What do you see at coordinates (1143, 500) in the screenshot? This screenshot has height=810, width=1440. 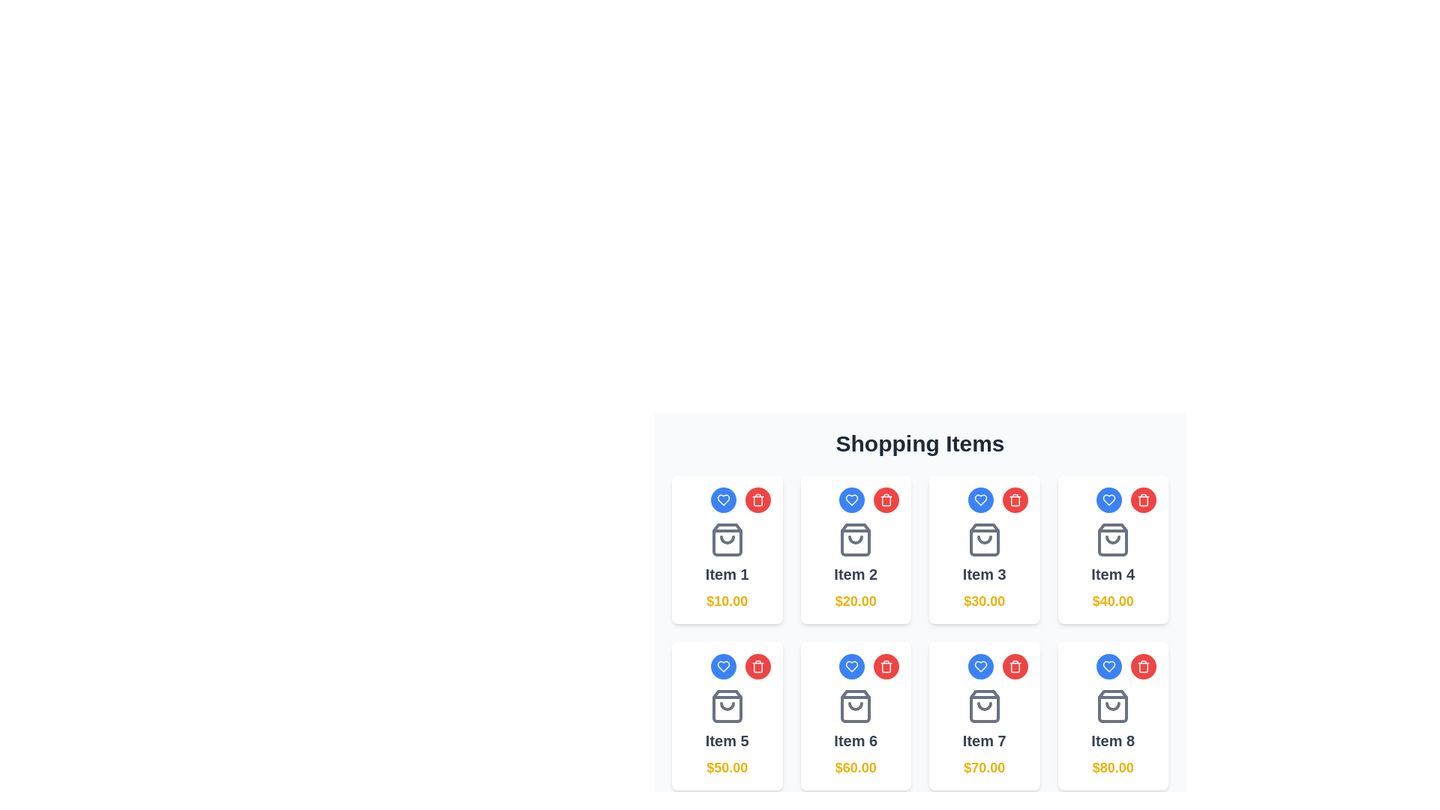 I see `the circular red button with a white trash can icon located at the top-right corner of the card for 'Item 4'` at bounding box center [1143, 500].